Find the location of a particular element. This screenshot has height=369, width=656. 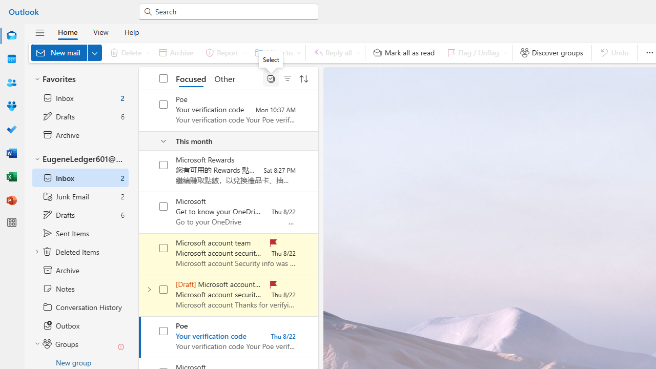

'Home' is located at coordinates (67, 31).